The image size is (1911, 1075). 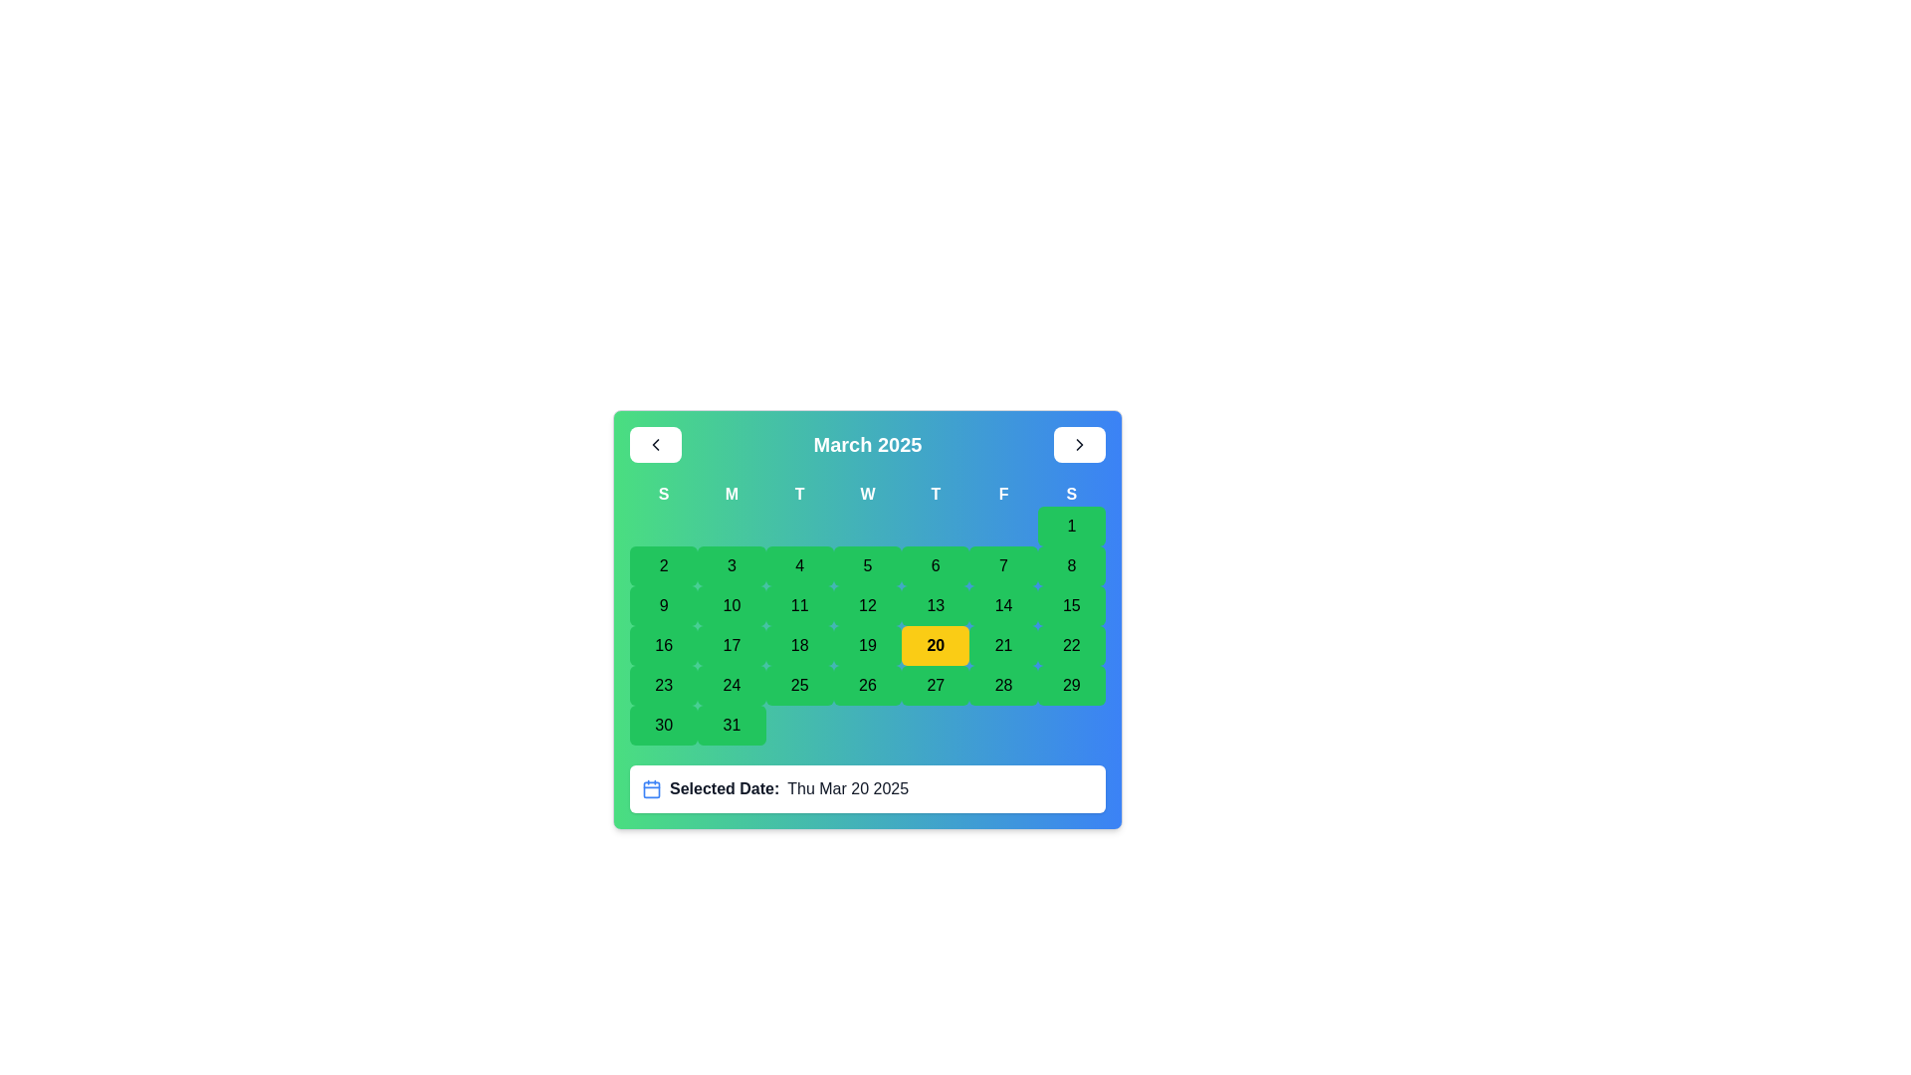 I want to click on the button representing the 24th day of March 2025 in the calendar, so click(x=731, y=685).